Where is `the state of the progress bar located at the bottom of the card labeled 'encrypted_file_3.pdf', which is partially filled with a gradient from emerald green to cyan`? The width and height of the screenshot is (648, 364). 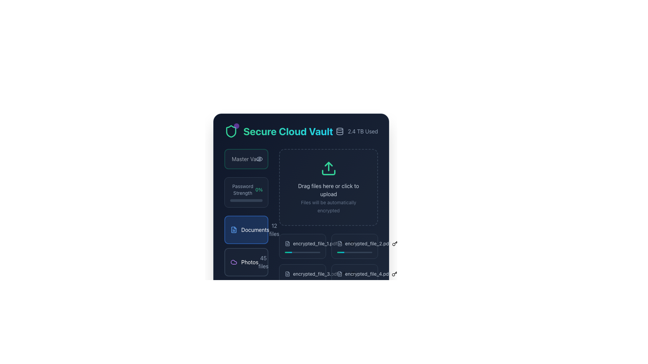
the state of the progress bar located at the bottom of the card labeled 'encrypted_file_3.pdf', which is partially filled with a gradient from emerald green to cyan is located at coordinates (302, 283).